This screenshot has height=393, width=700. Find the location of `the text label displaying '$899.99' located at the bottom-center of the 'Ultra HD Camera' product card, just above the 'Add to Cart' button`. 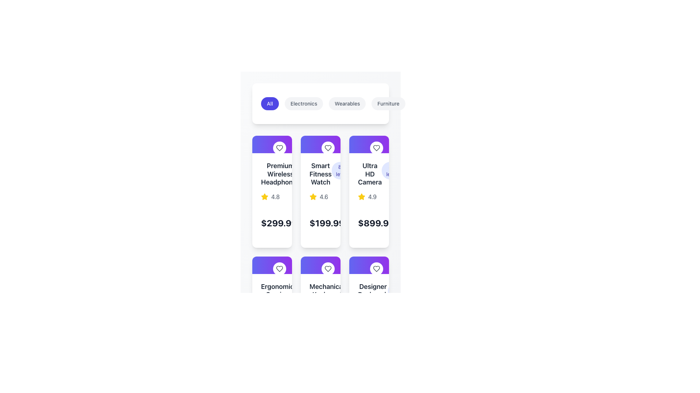

the text label displaying '$899.99' located at the bottom-center of the 'Ultra HD Camera' product card, just above the 'Add to Cart' button is located at coordinates (369, 222).